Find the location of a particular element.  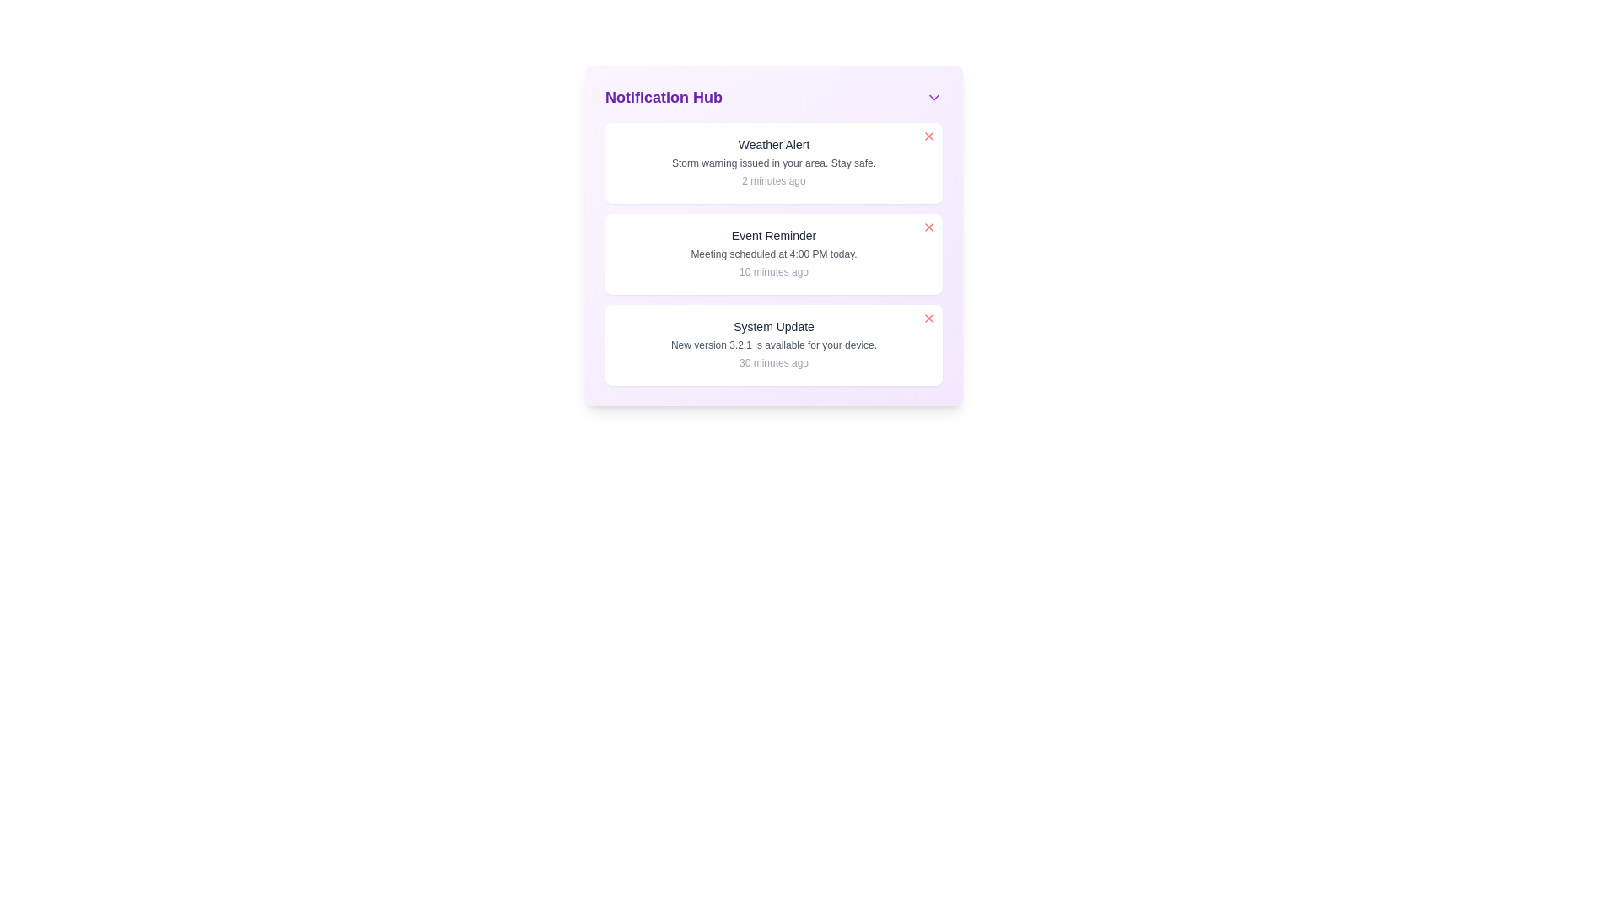

the text element displaying '2 minutes ago', which is located at the bottom-right area of a notification card is located at coordinates (772, 181).